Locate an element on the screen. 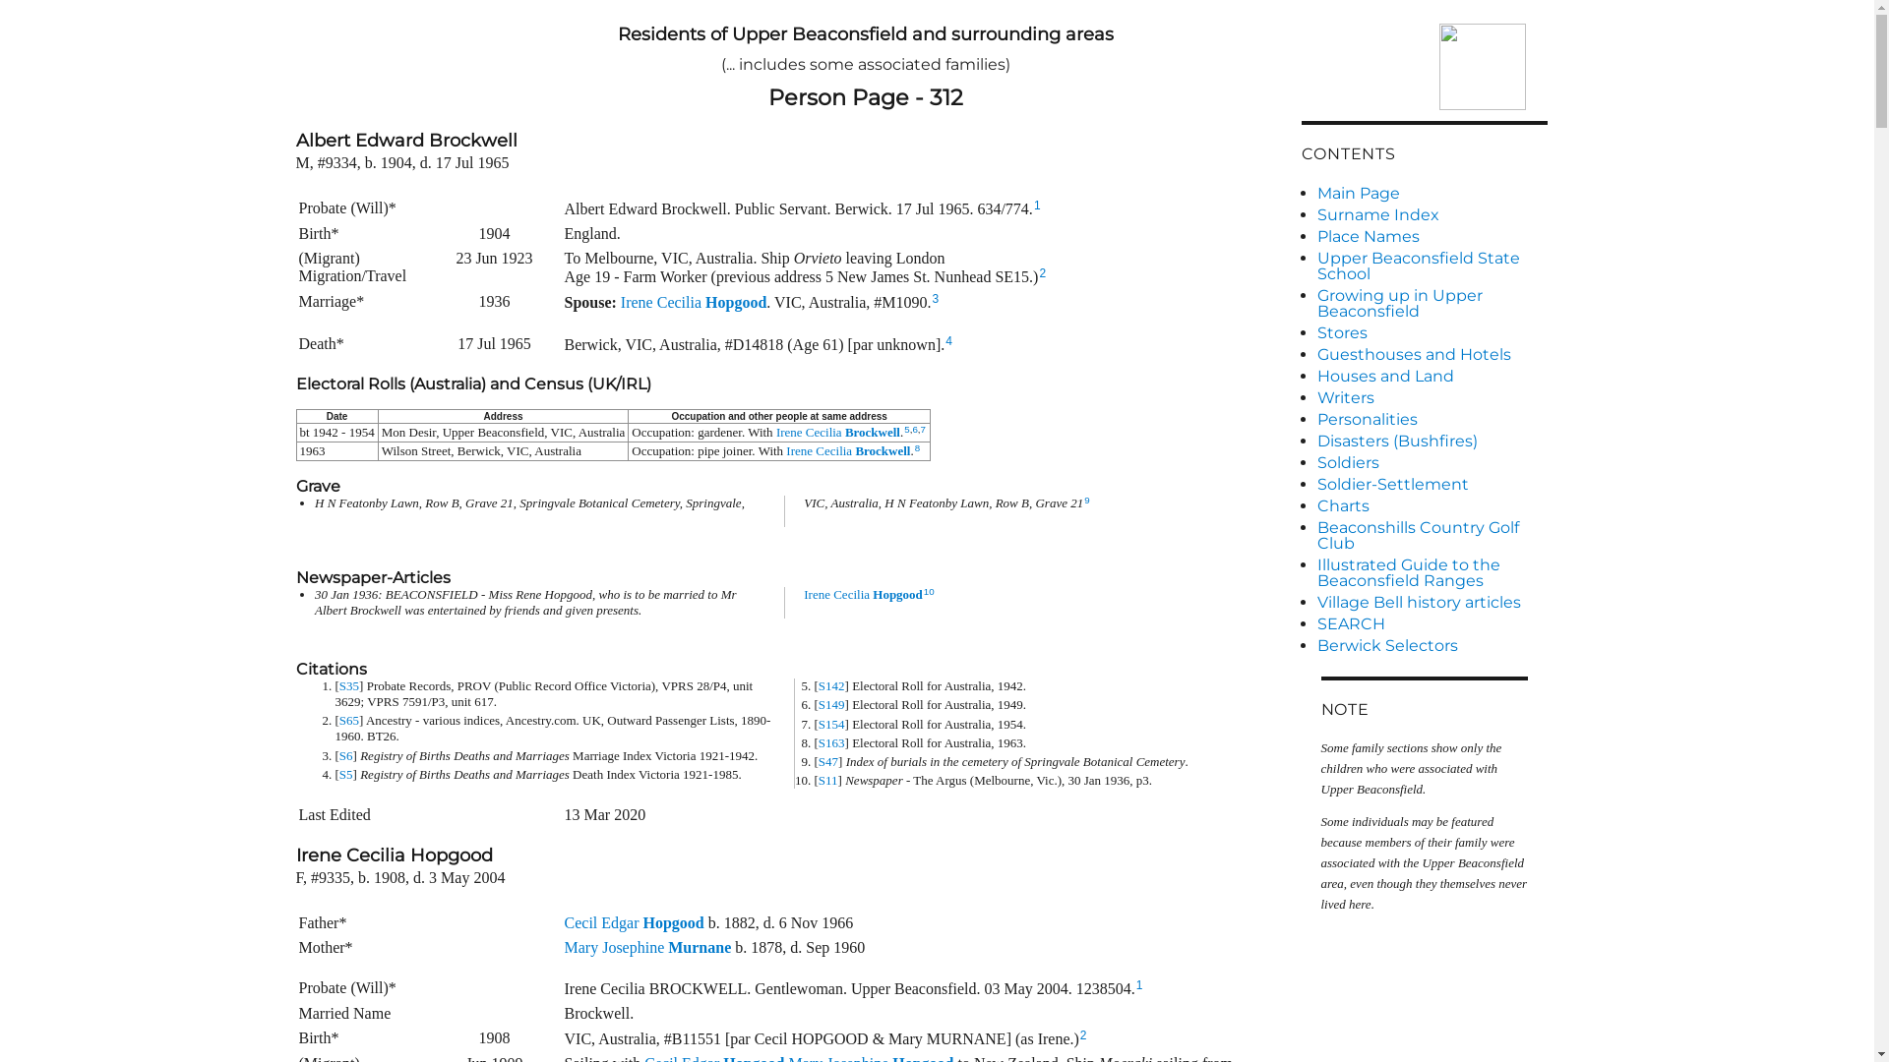 Image resolution: width=1889 pixels, height=1062 pixels. '1' is located at coordinates (1036, 205).